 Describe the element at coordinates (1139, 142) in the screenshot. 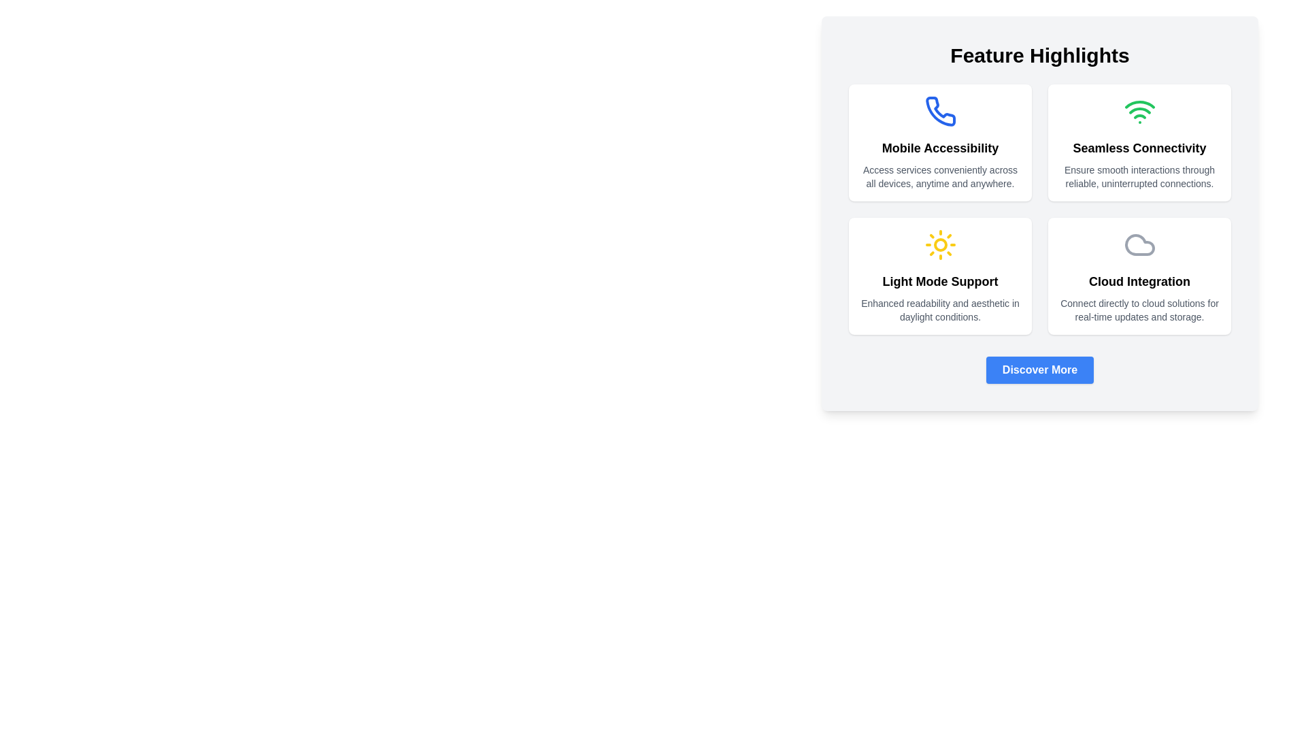

I see `the Feature card titled 'Seamless Connectivity' which is the second card in the grid layout, located directly to the right of the 'Mobile Accessibility' card` at that location.